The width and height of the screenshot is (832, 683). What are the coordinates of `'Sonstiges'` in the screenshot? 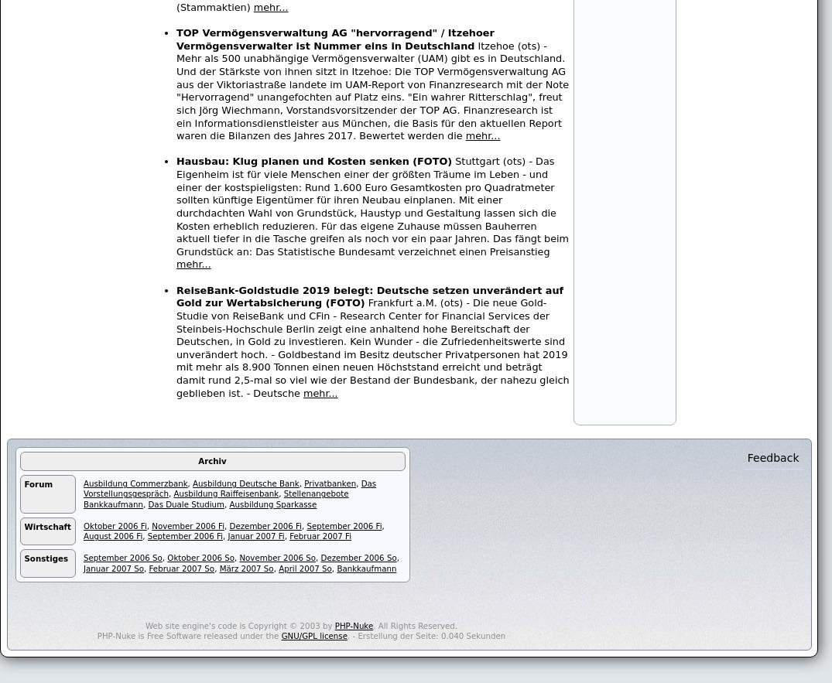 It's located at (46, 558).